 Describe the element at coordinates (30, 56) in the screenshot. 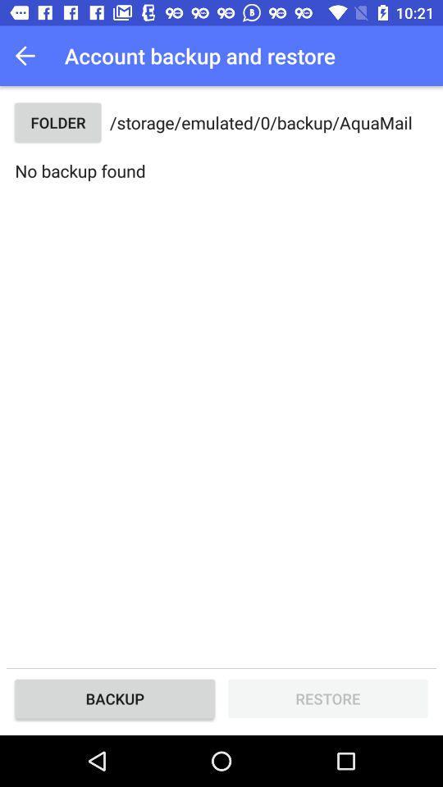

I see `the item next to the account backup and app` at that location.